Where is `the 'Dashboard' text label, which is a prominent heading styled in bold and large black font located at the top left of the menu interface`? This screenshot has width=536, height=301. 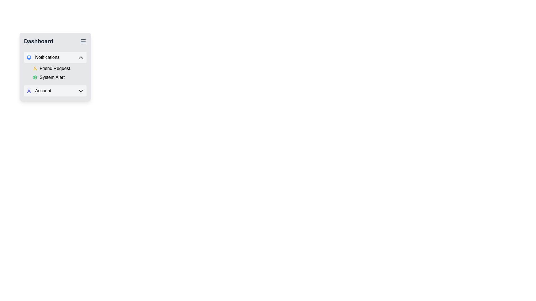
the 'Dashboard' text label, which is a prominent heading styled in bold and large black font located at the top left of the menu interface is located at coordinates (38, 41).